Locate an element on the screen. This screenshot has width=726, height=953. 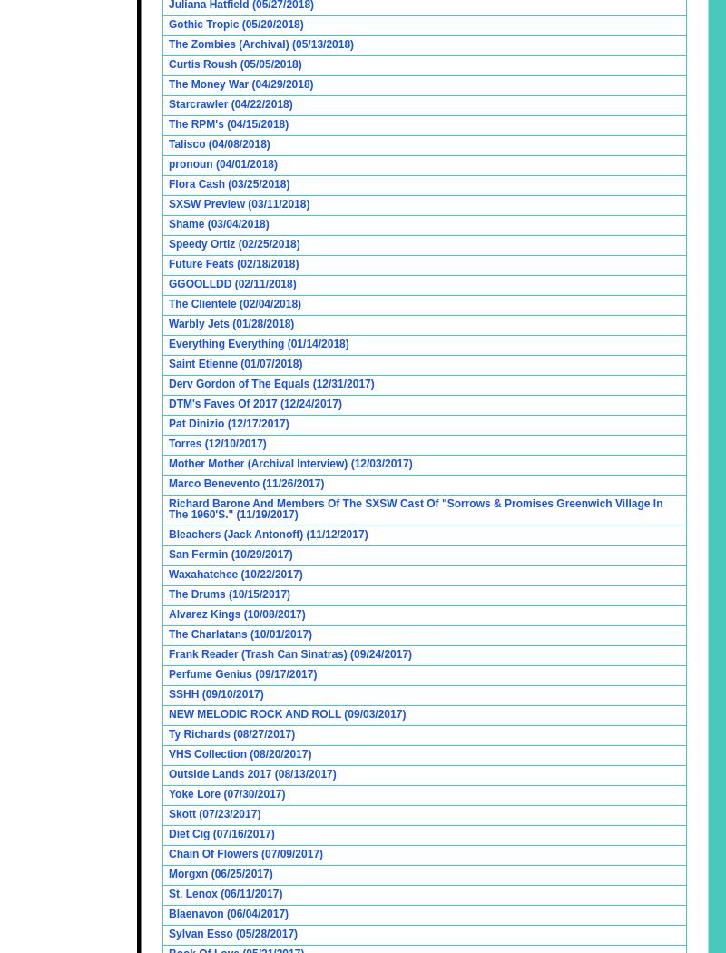
'Shame (03/04/2018)' is located at coordinates (218, 223).